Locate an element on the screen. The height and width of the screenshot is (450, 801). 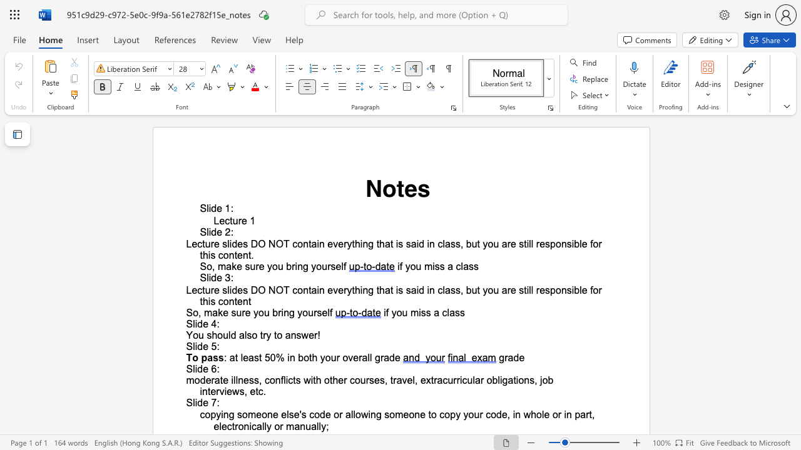
the space between the continuous character "D" and "O" in the text is located at coordinates (257, 244).